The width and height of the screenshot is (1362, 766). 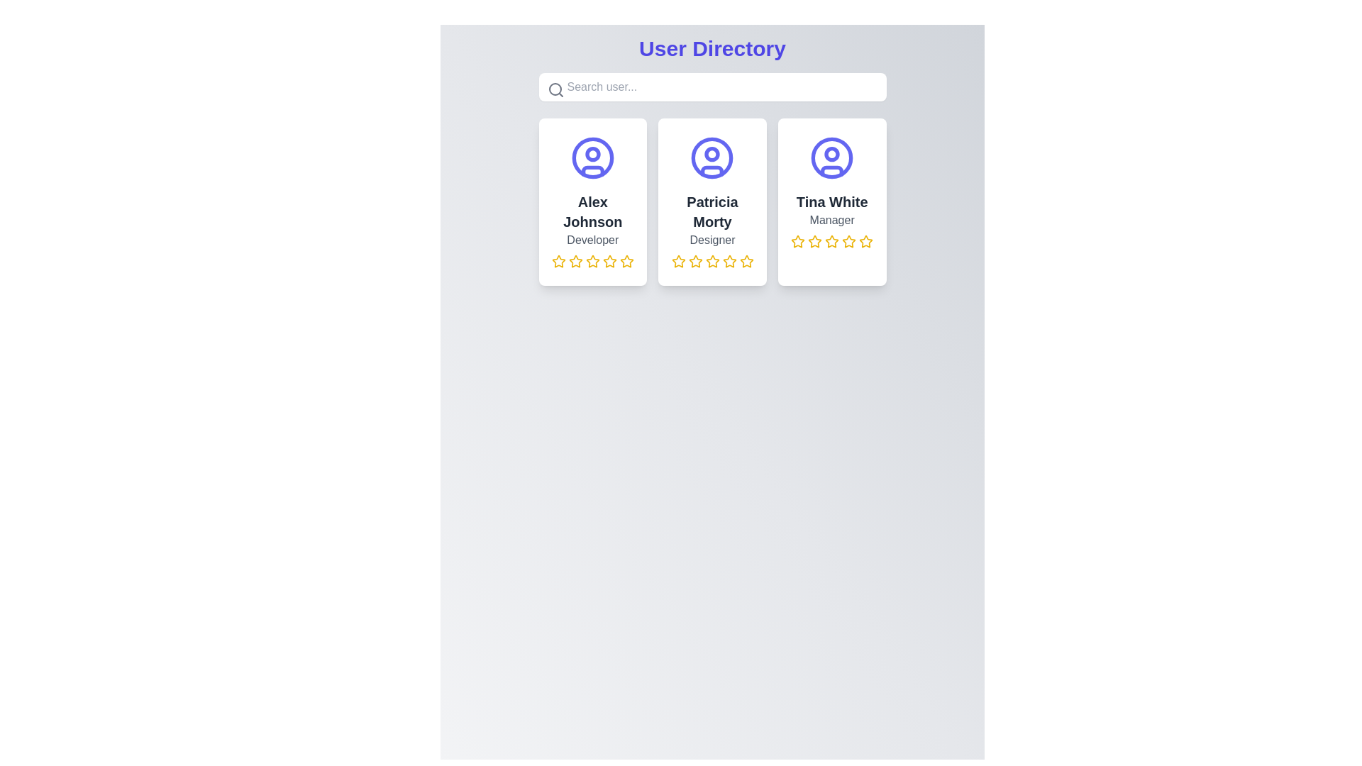 What do you see at coordinates (849, 240) in the screenshot?
I see `the fourth yellow star icon in the rating system below the user card for Tina White` at bounding box center [849, 240].